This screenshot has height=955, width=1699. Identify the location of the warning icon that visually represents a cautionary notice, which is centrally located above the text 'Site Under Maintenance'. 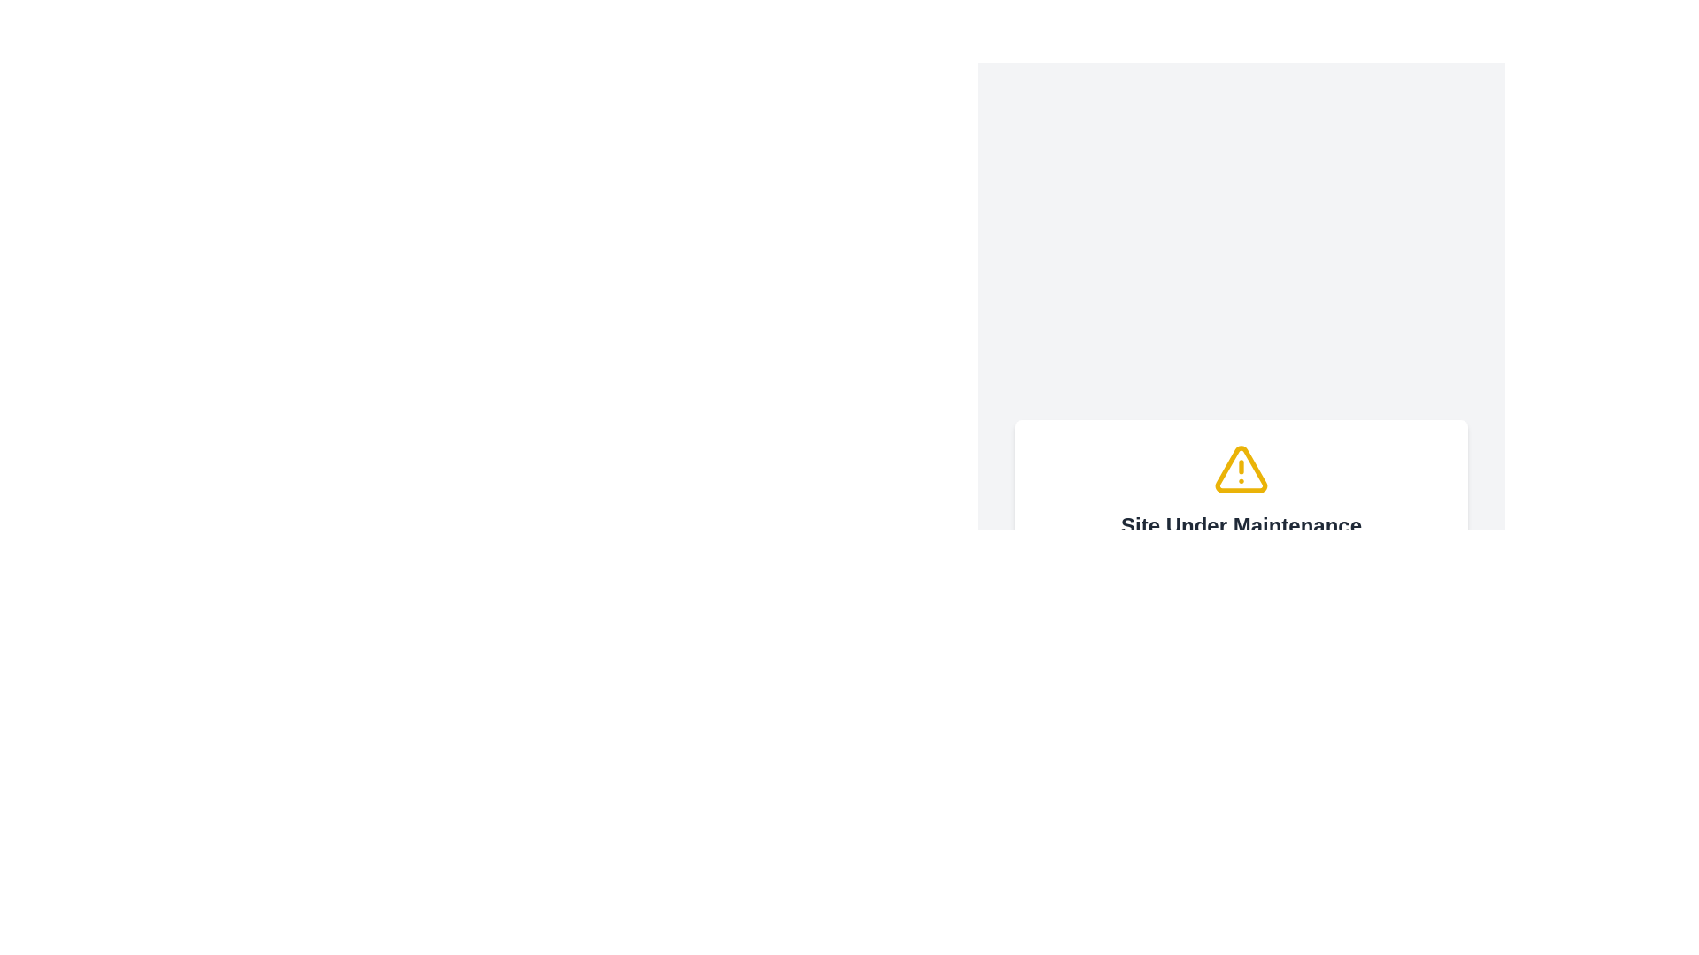
(1240, 469).